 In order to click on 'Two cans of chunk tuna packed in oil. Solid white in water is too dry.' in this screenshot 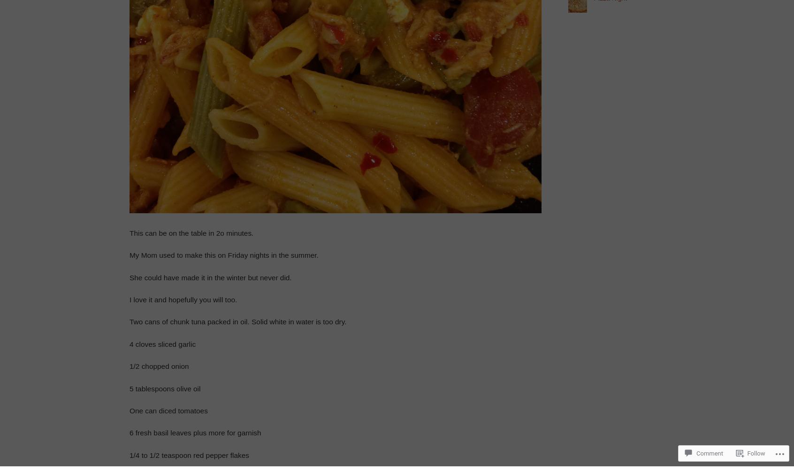, I will do `click(237, 321)`.